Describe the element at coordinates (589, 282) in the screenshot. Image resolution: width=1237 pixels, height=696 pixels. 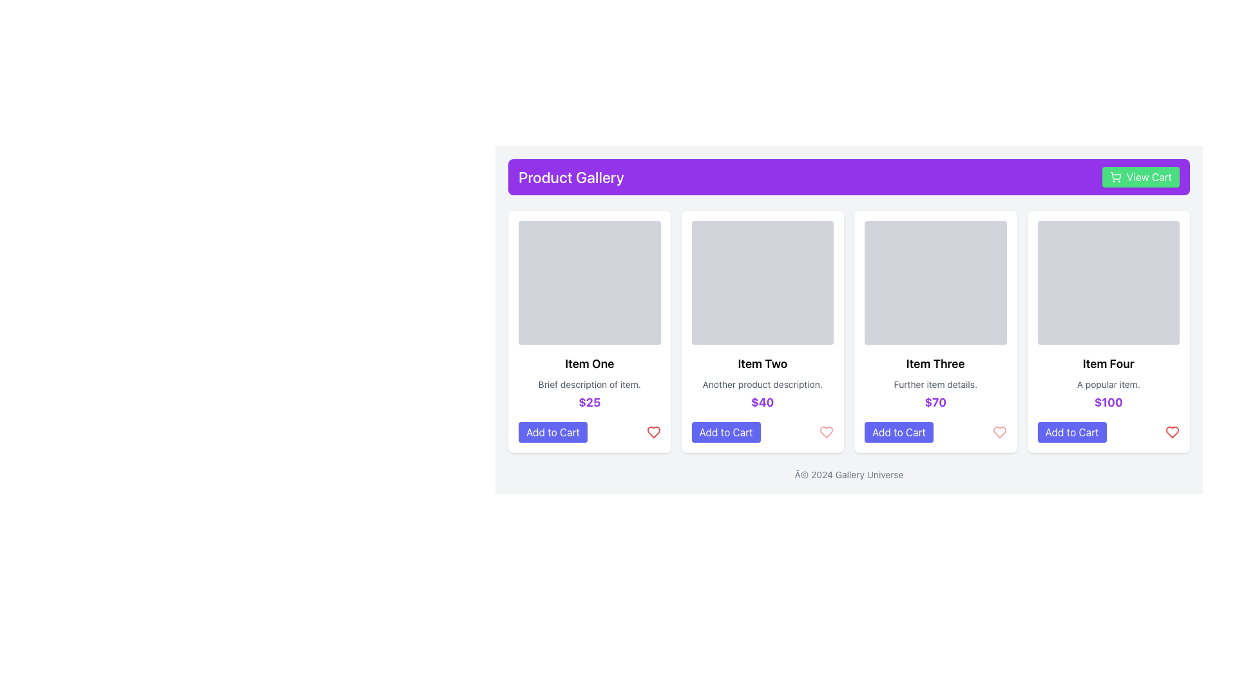
I see `the image placeholder, which is a light gray rectangular area with rounded corners located at the top of the card containing 'Item One'` at that location.